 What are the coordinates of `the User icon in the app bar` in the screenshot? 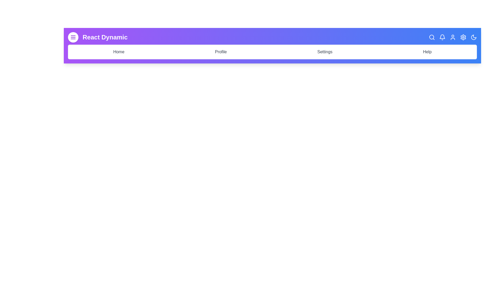 It's located at (453, 37).